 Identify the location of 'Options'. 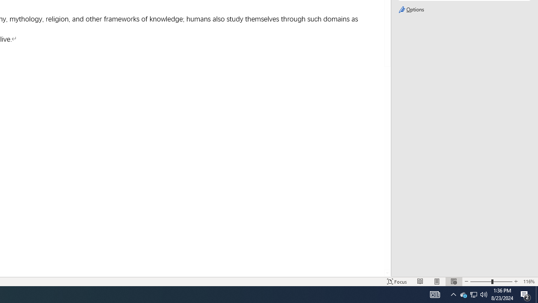
(464, 10).